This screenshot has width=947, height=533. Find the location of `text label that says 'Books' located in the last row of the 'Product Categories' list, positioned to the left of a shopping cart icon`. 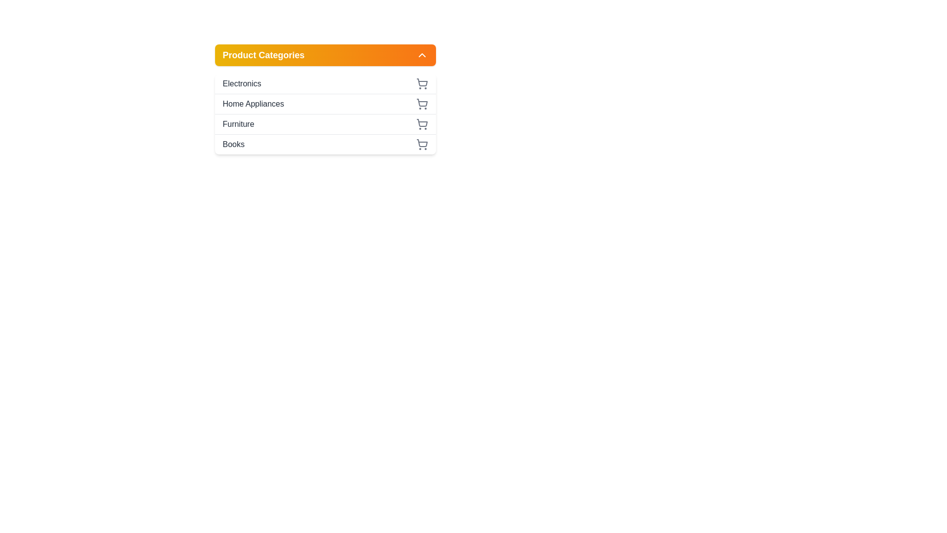

text label that says 'Books' located in the last row of the 'Product Categories' list, positioned to the left of a shopping cart icon is located at coordinates (233, 145).